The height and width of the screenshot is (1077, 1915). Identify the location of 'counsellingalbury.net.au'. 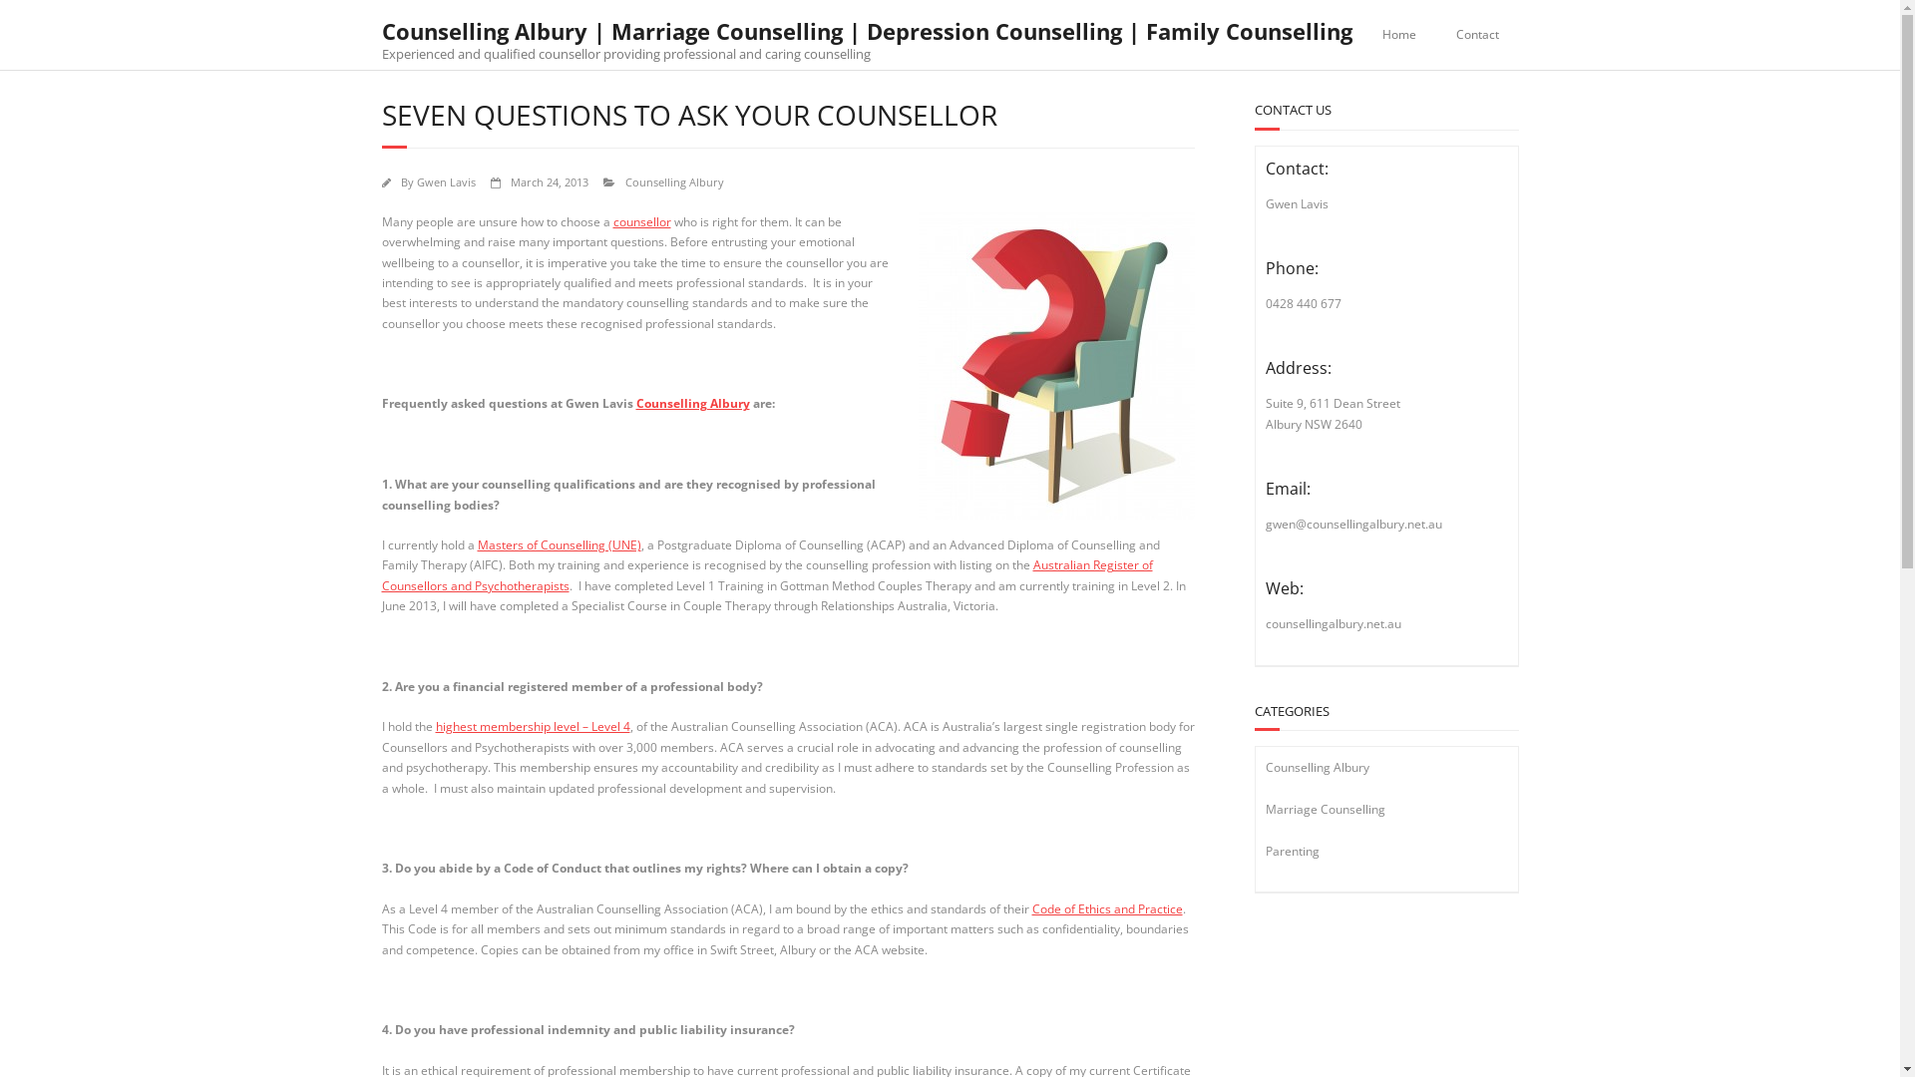
(1332, 622).